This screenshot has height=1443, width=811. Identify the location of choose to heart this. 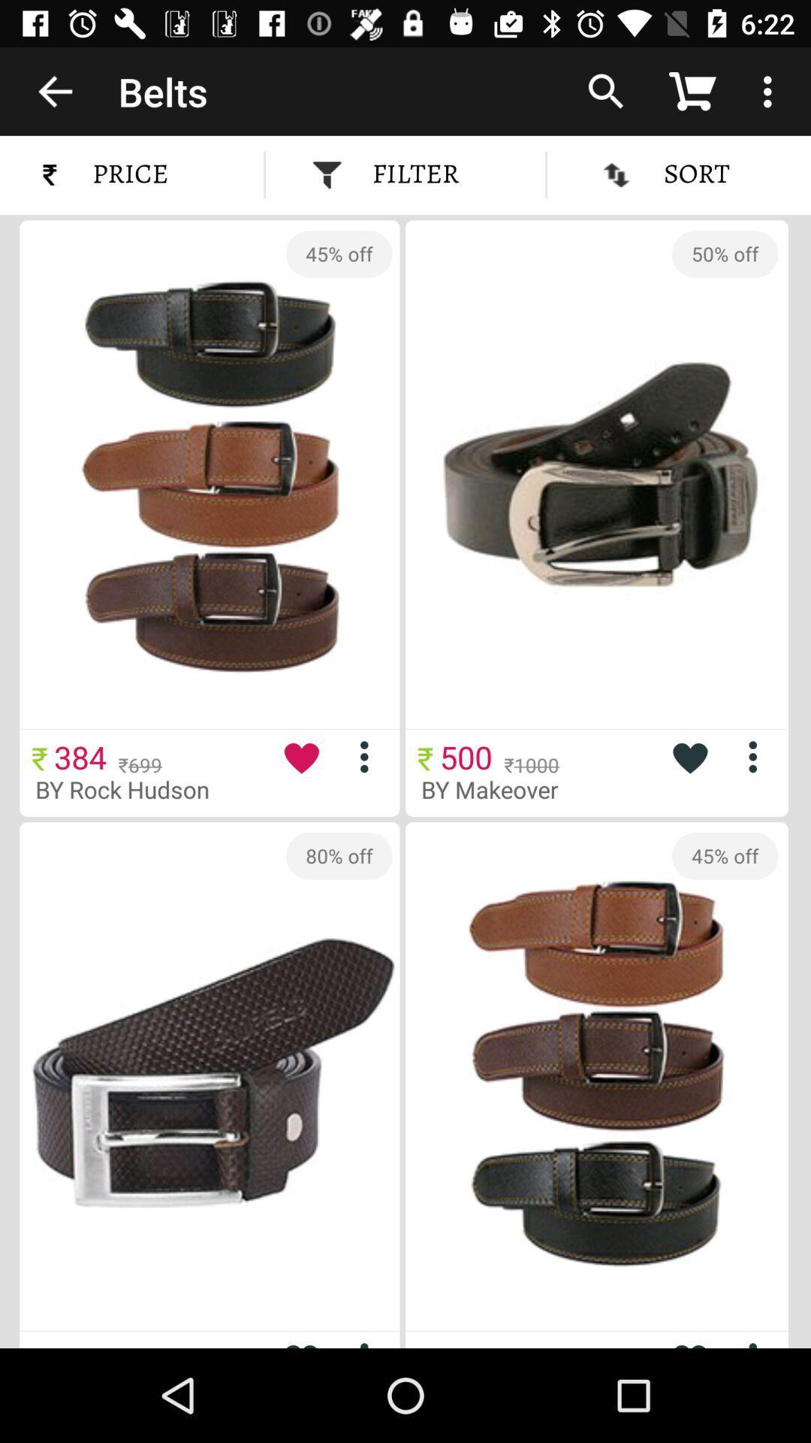
(689, 1339).